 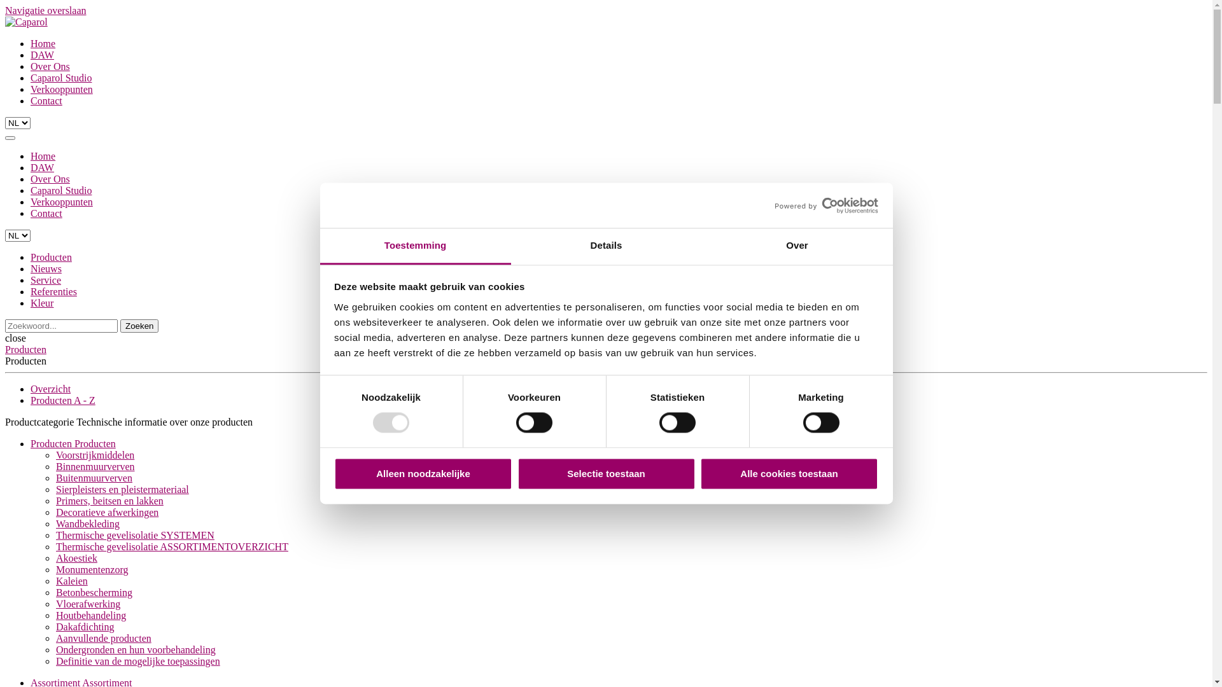 What do you see at coordinates (50, 66) in the screenshot?
I see `'Over Ons'` at bounding box center [50, 66].